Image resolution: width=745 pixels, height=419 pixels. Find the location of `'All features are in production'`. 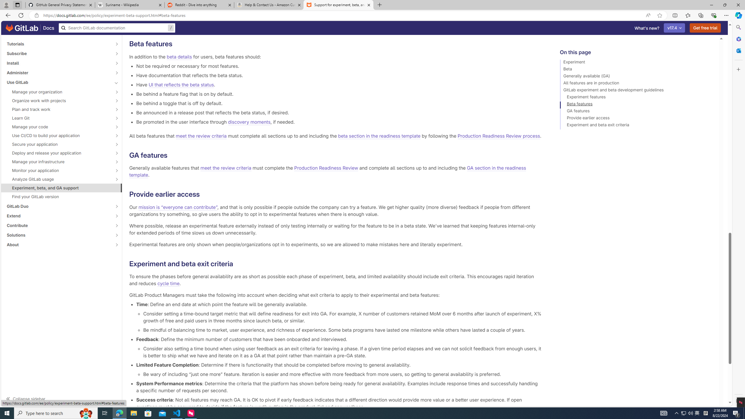

'All features are in production' is located at coordinates (637, 84).